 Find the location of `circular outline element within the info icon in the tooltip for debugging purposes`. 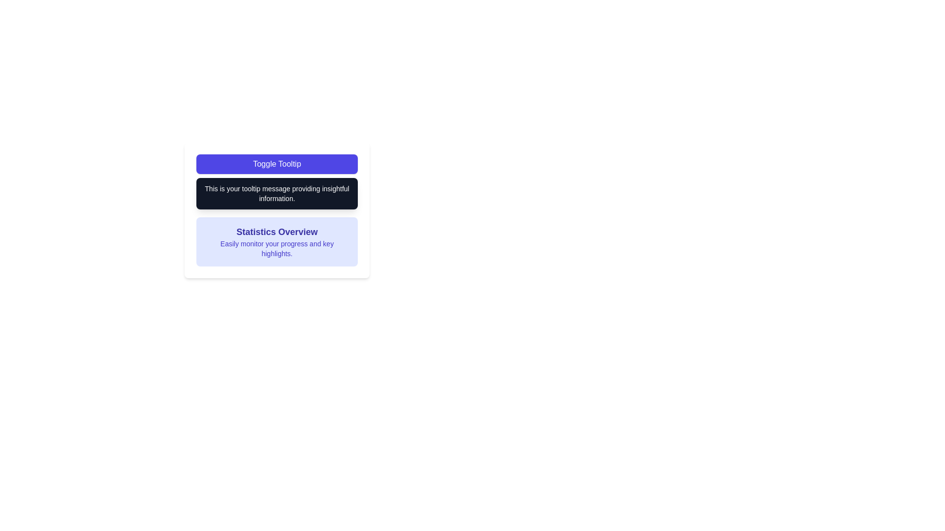

circular outline element within the info icon in the tooltip for debugging purposes is located at coordinates (200, 195).